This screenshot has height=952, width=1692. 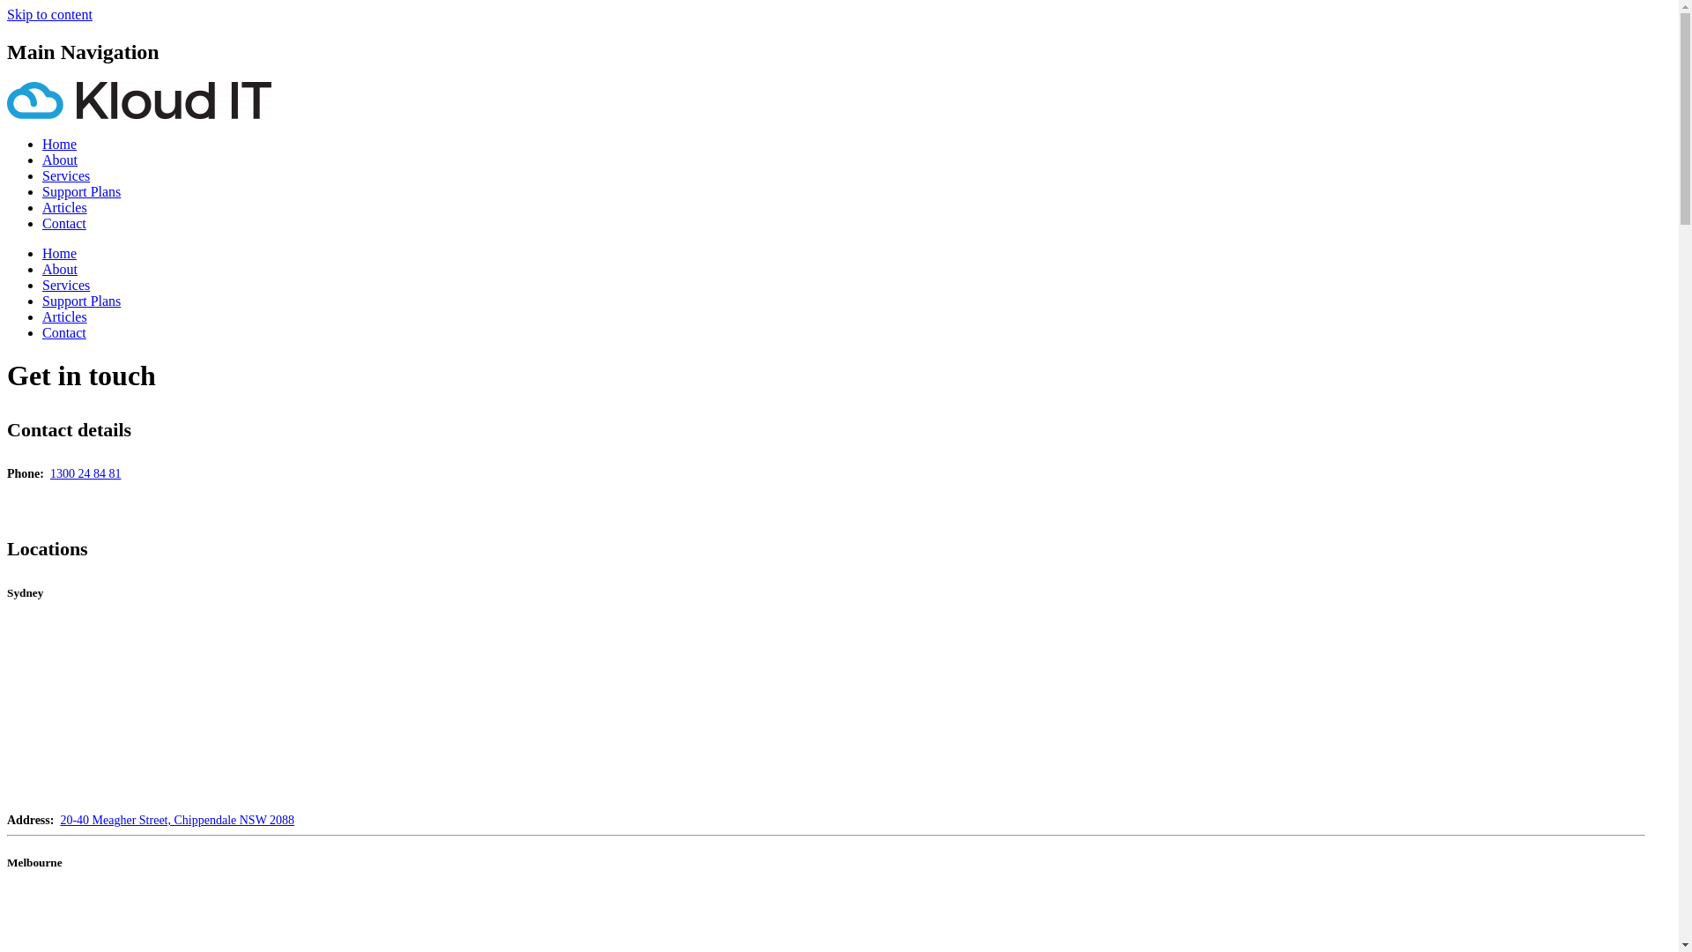 I want to click on '1300 24 84 81', so click(x=85, y=472).